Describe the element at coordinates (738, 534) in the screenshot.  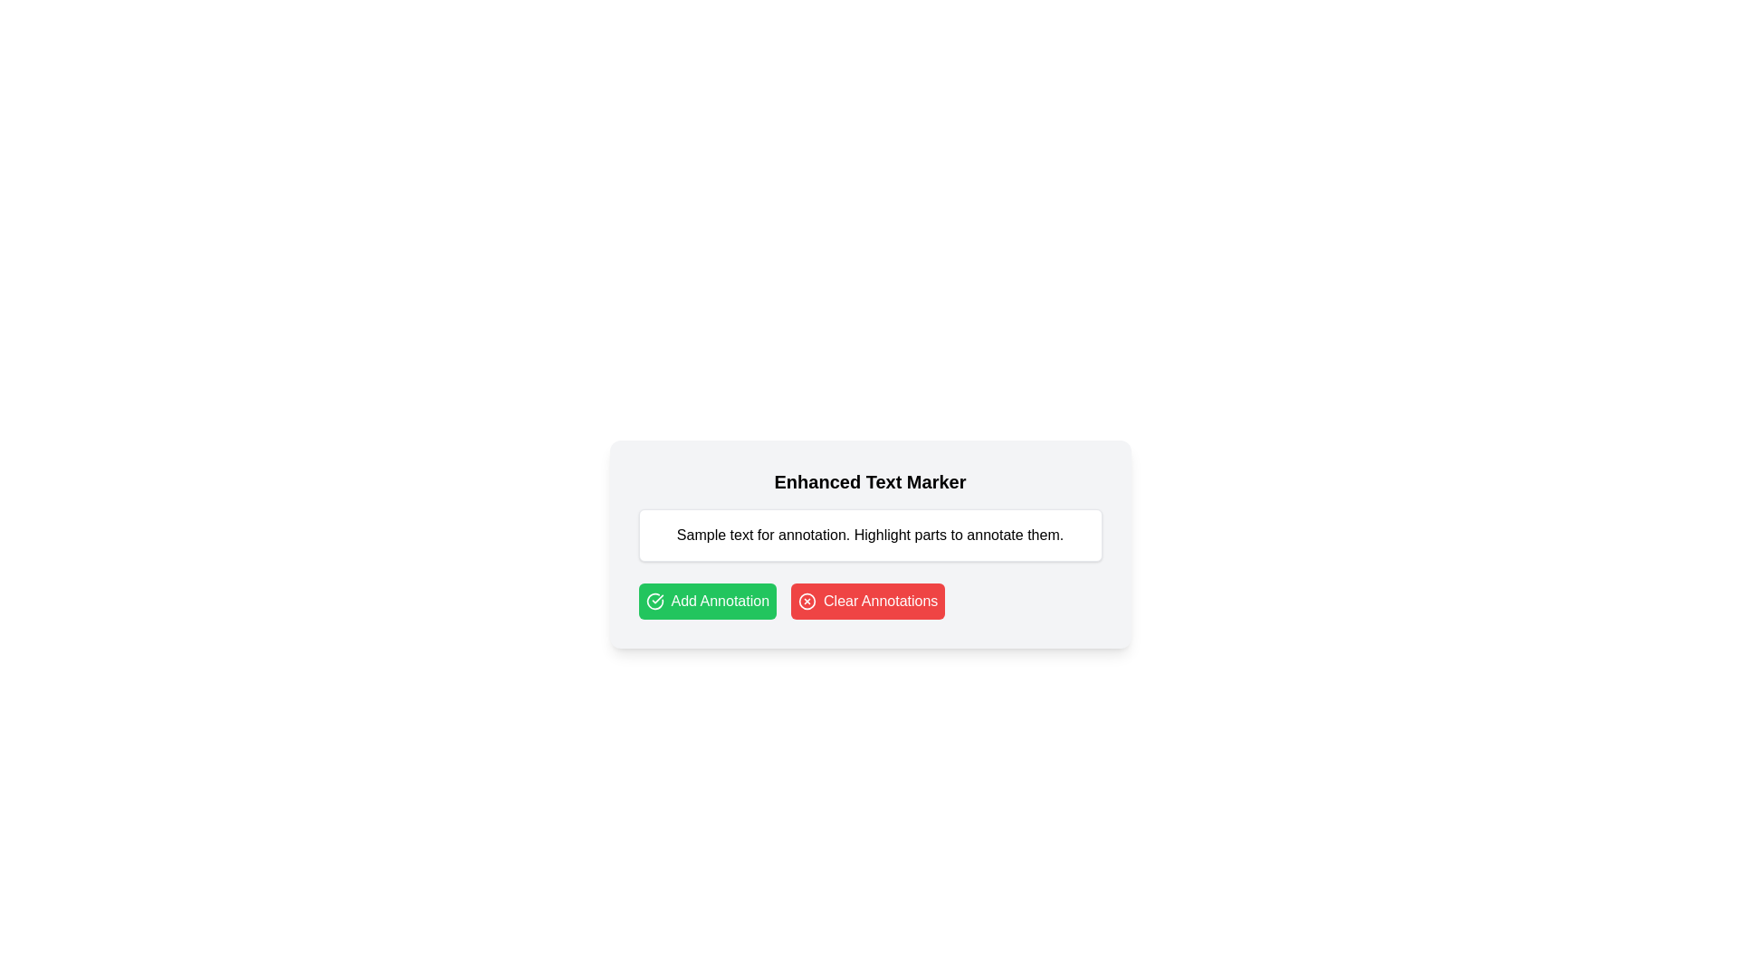
I see `the letter 'e' in the text 'Sample text for annotation' located in the primary text box under the heading 'Enhanced Text Marker.'` at that location.